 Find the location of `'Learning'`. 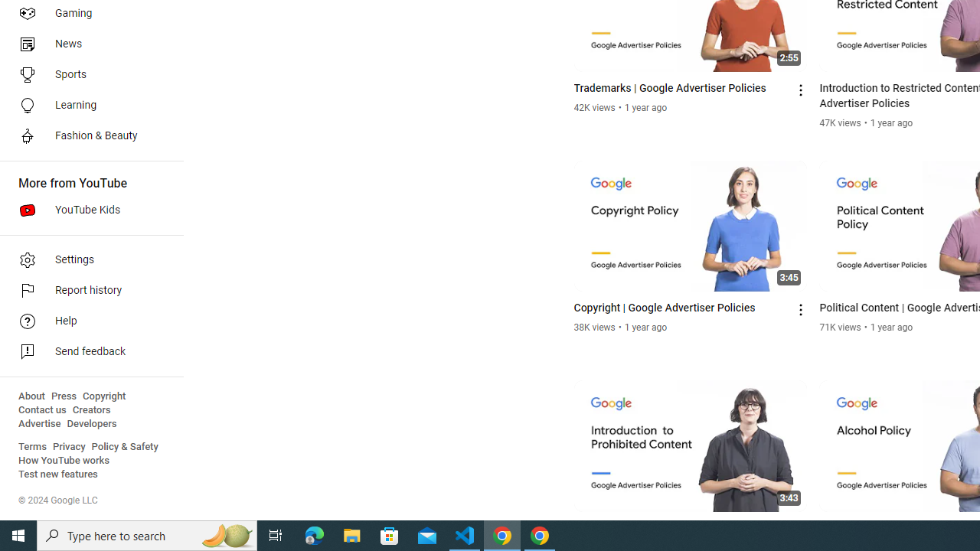

'Learning' is located at coordinates (86, 104).